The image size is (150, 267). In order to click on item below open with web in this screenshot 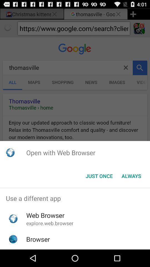, I will do `click(99, 176)`.